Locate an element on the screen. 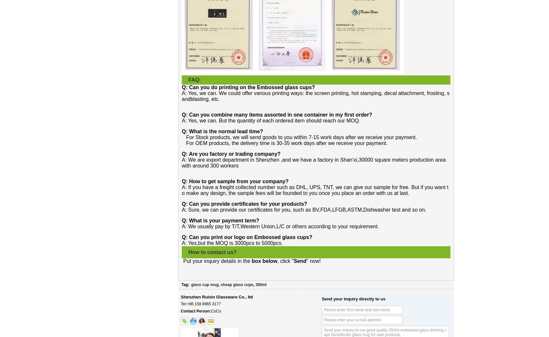 This screenshot has width=549, height=337. 'Send your inquiry directly to us' is located at coordinates (353, 298).